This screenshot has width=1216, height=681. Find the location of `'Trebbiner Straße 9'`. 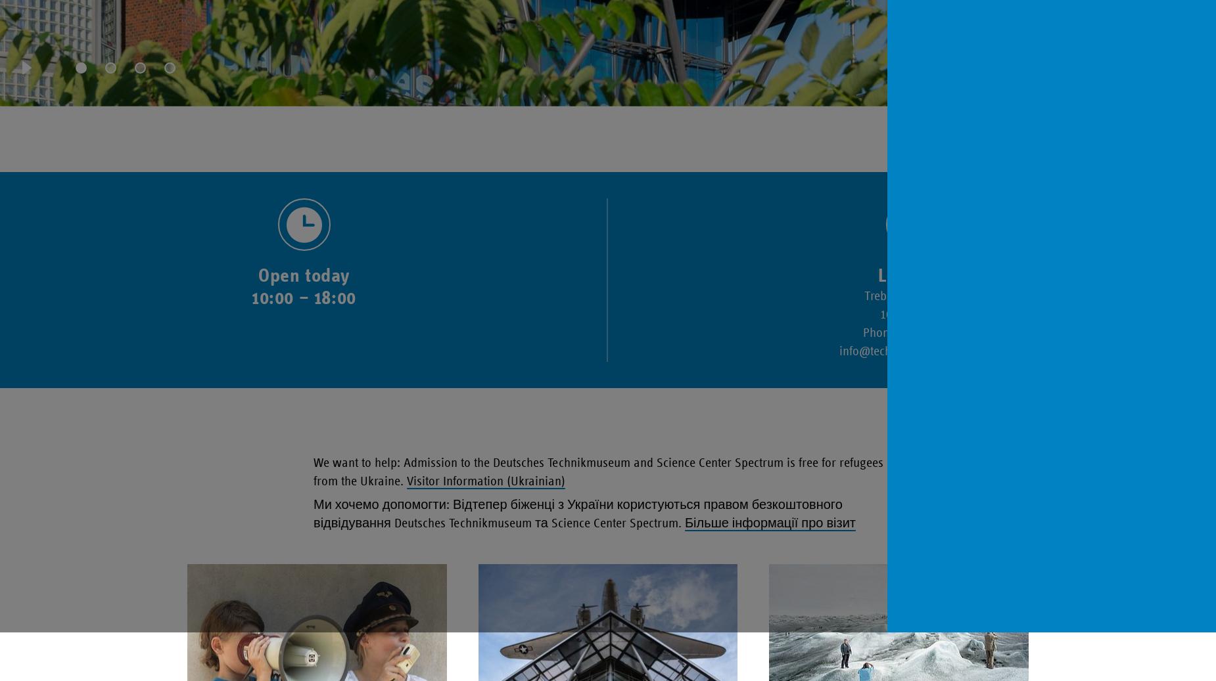

'Trebbiner Straße 9' is located at coordinates (910, 294).